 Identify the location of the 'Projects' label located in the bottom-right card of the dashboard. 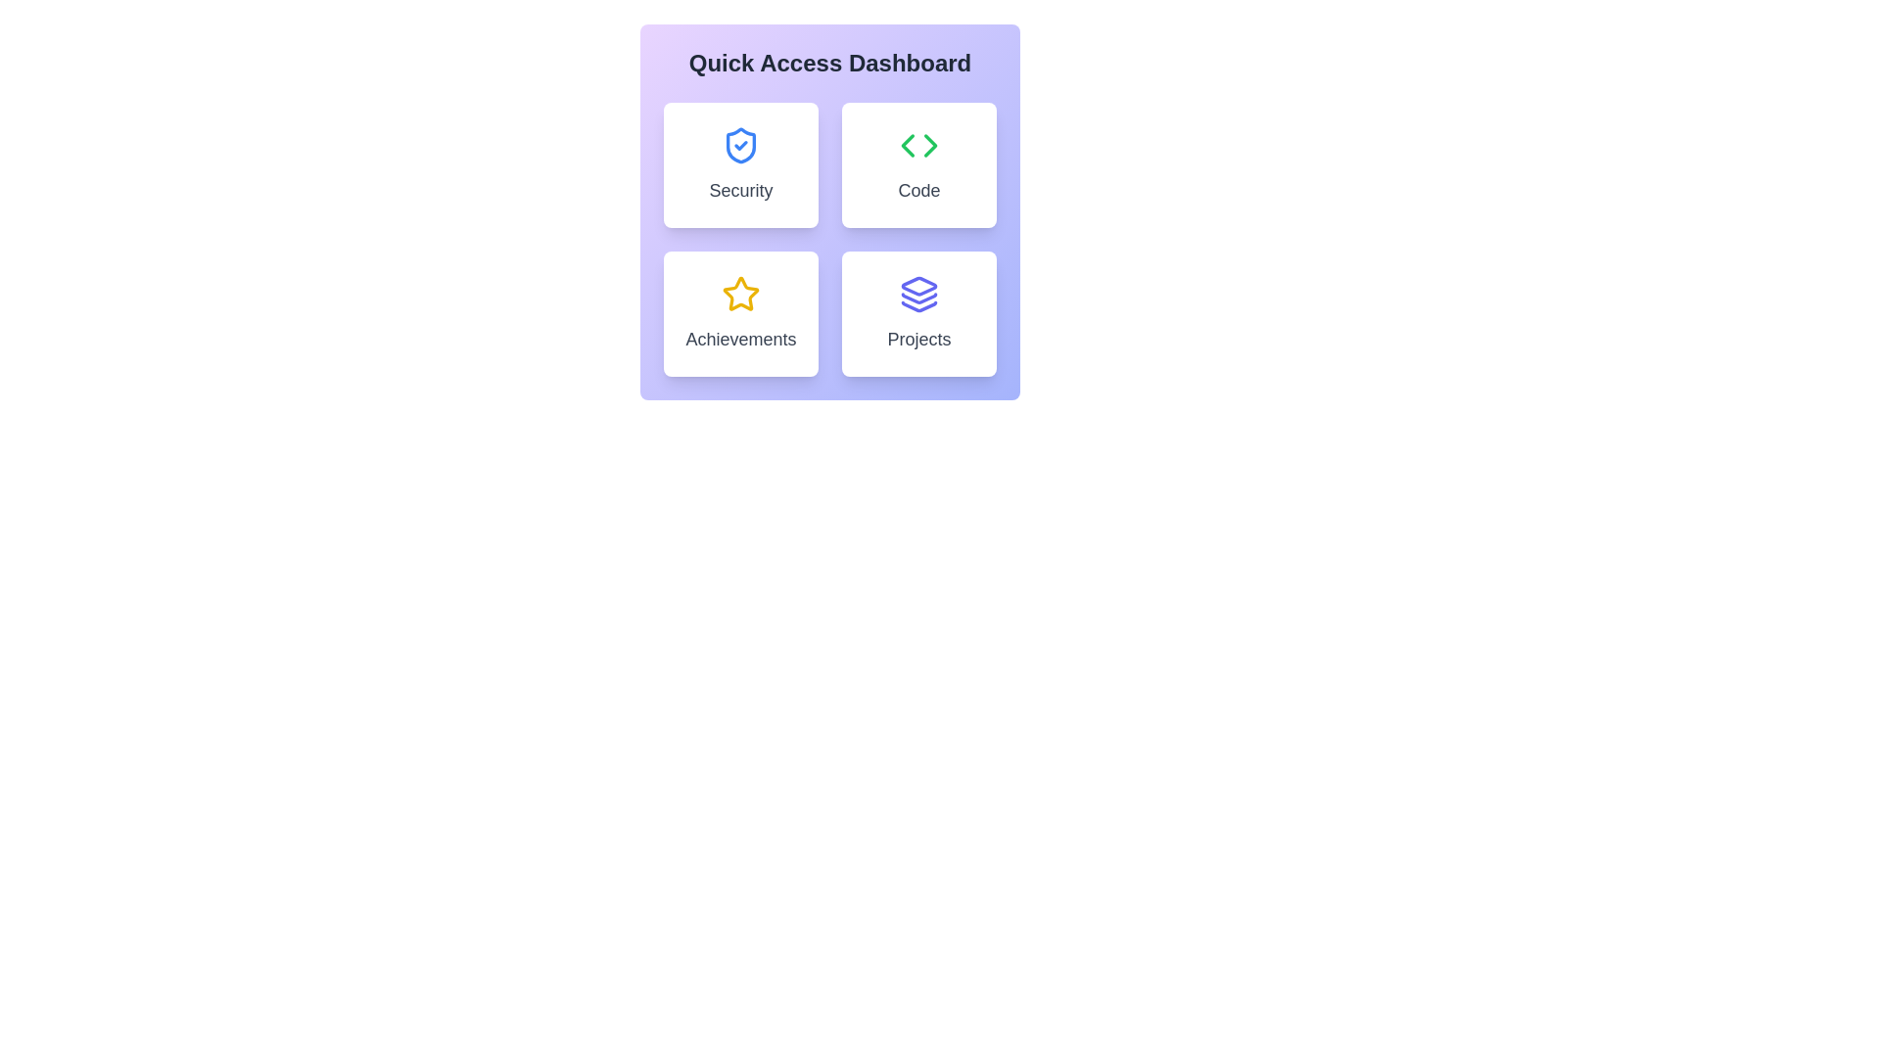
(918, 339).